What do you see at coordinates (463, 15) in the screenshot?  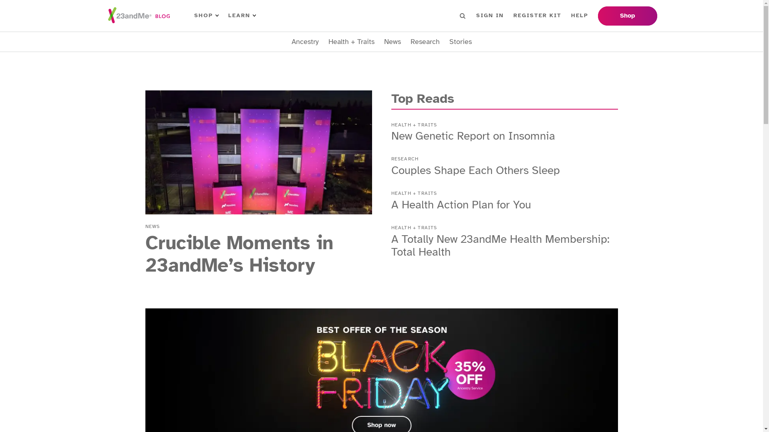 I see `'Search'` at bounding box center [463, 15].